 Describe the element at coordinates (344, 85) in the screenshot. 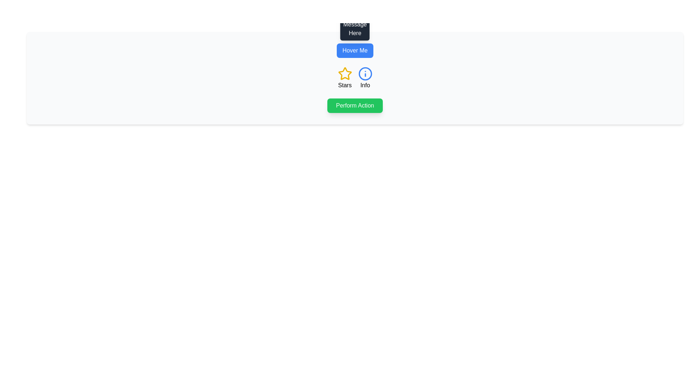

I see `the descriptive text label for the star icon, which provides context to its significance in the interface` at that location.